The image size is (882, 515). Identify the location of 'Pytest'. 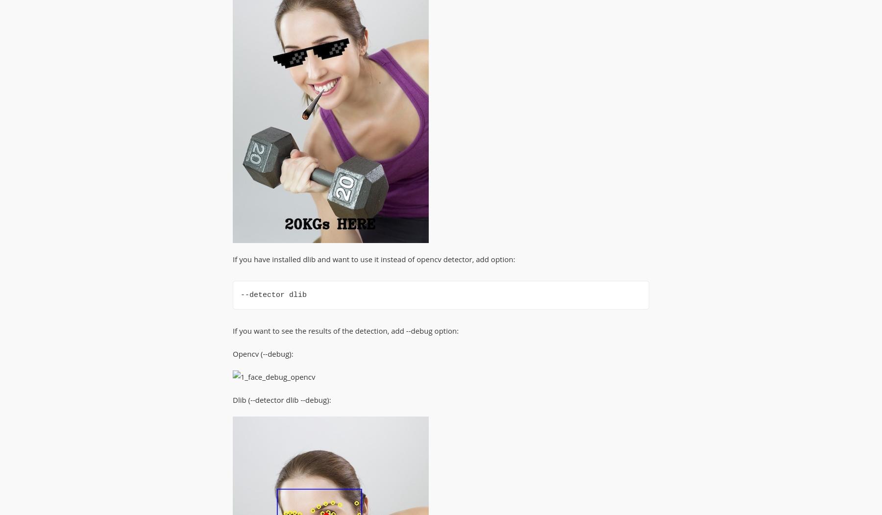
(380, 11).